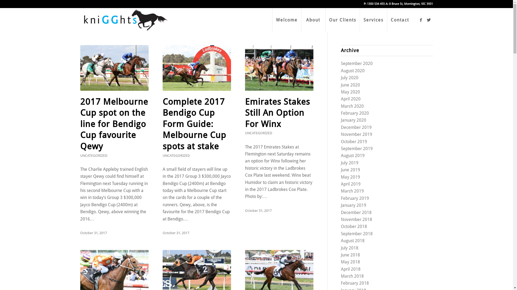 This screenshot has width=517, height=290. I want to click on 'April 2020', so click(351, 99).